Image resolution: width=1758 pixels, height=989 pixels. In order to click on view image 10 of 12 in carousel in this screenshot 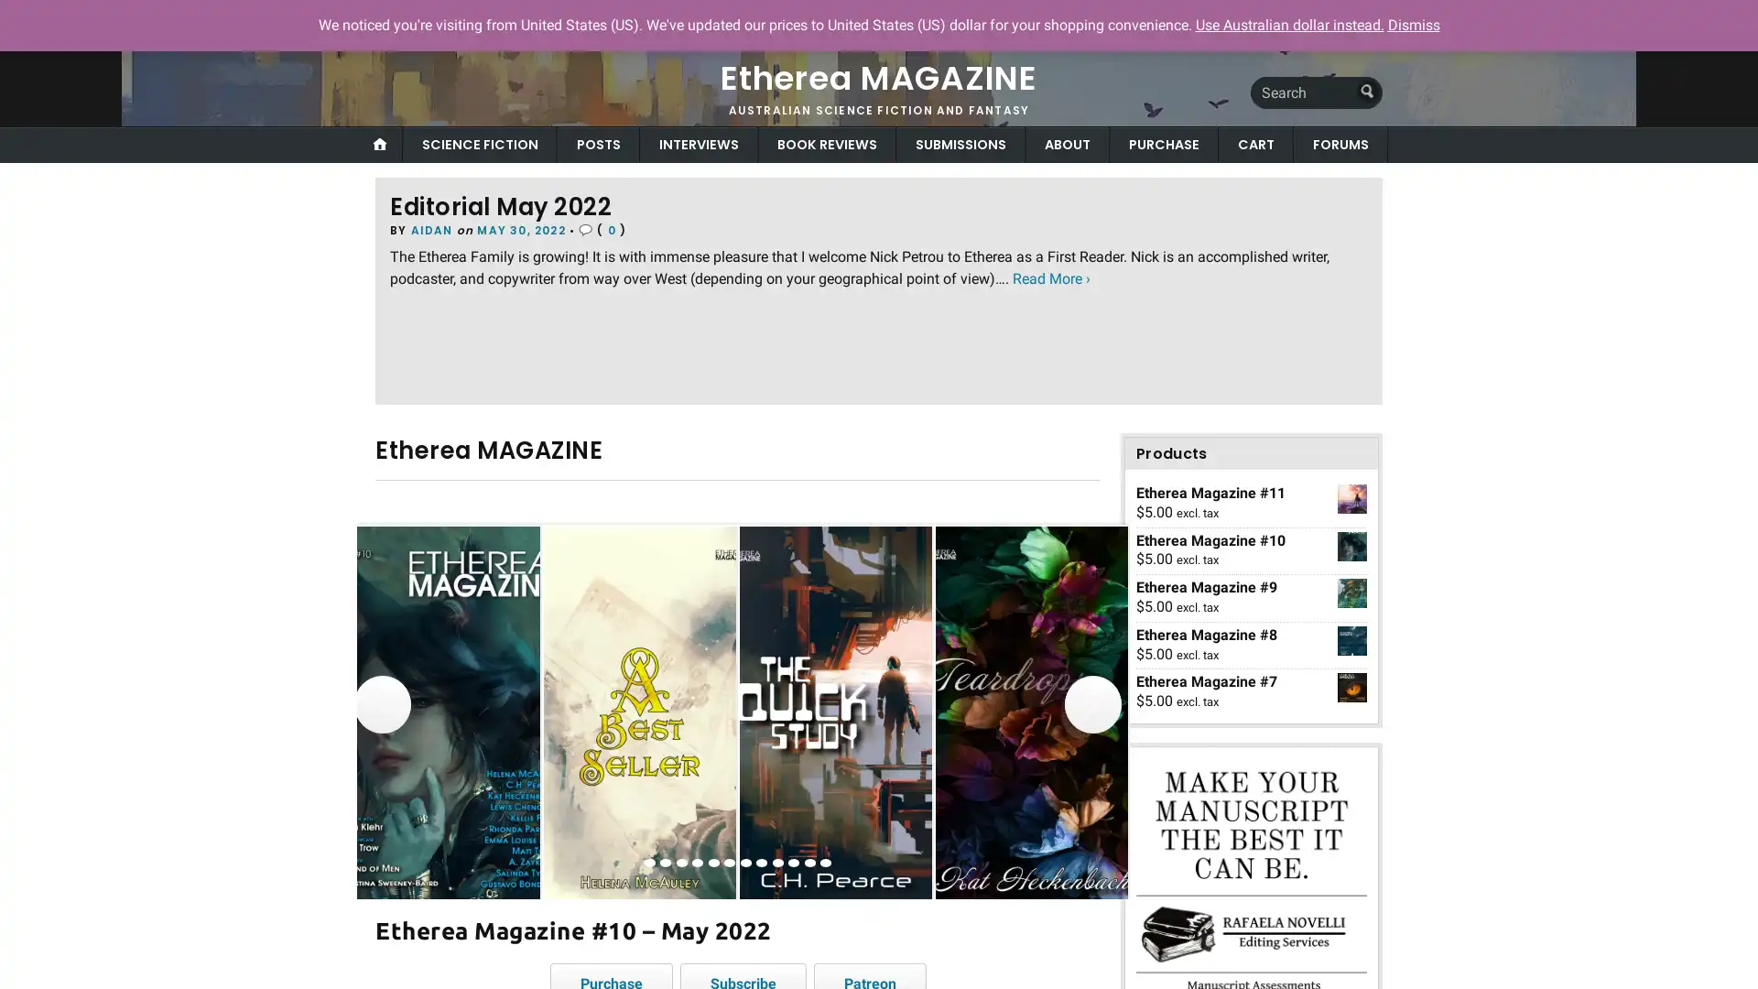, I will do `click(794, 862)`.